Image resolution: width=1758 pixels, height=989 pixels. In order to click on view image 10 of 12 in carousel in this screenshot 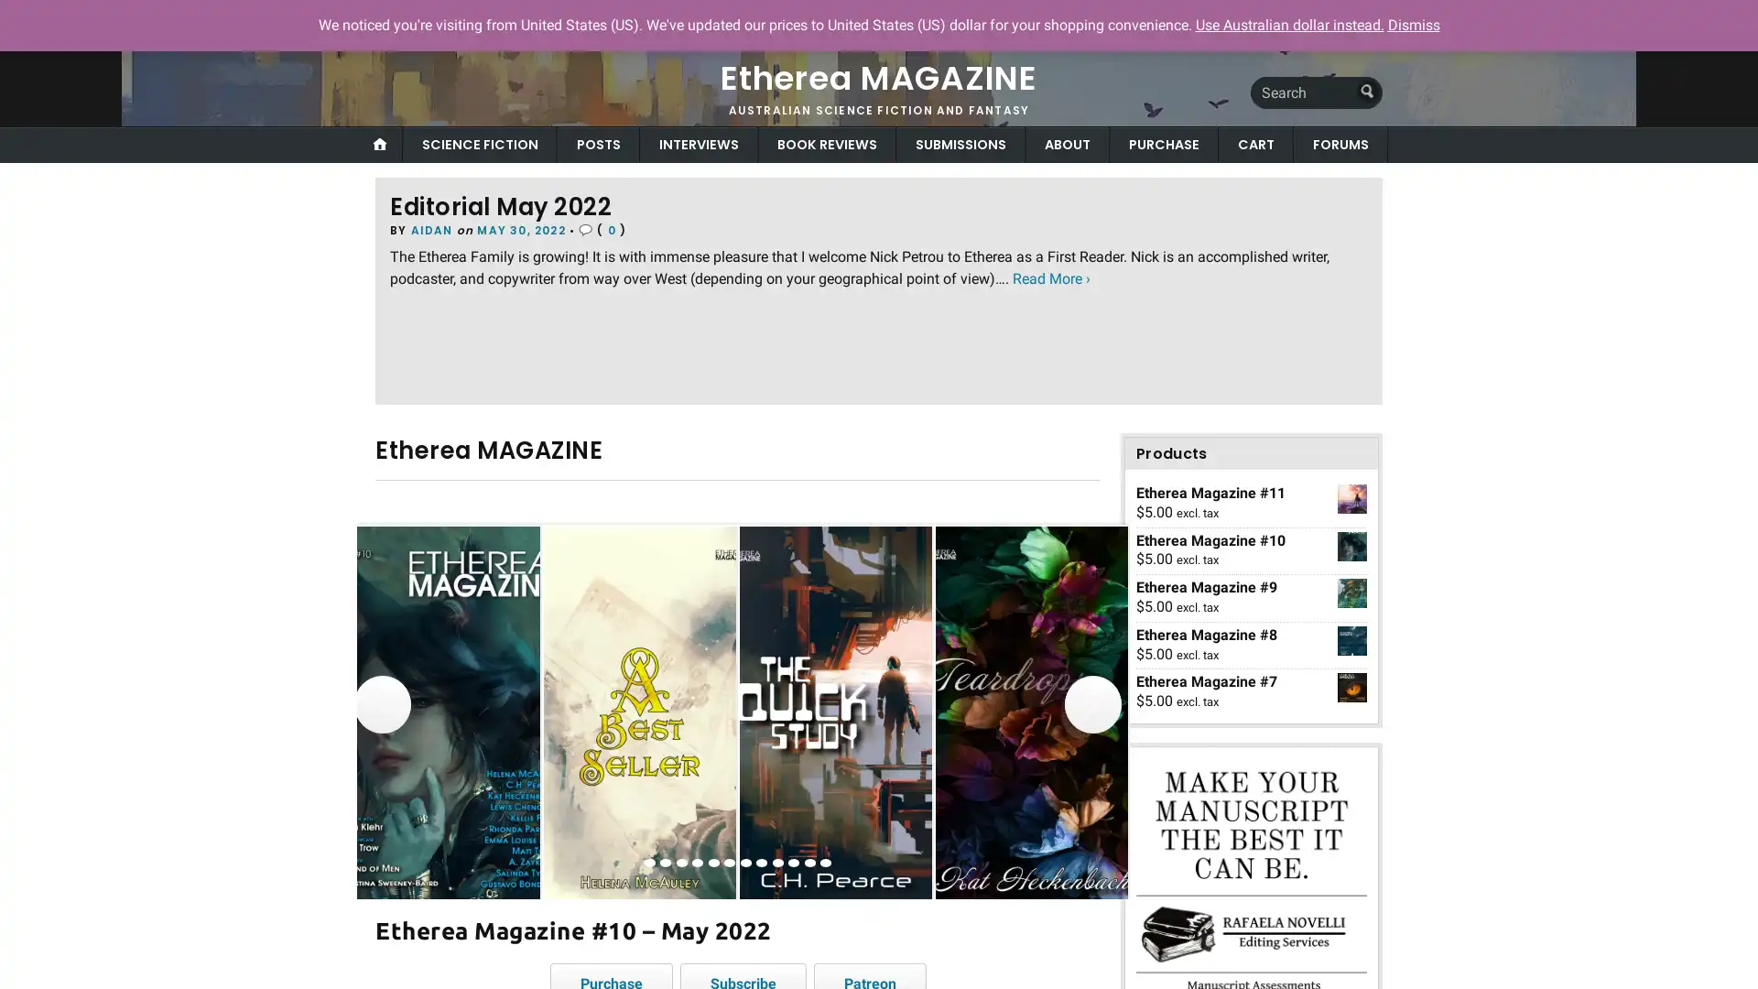, I will do `click(794, 862)`.